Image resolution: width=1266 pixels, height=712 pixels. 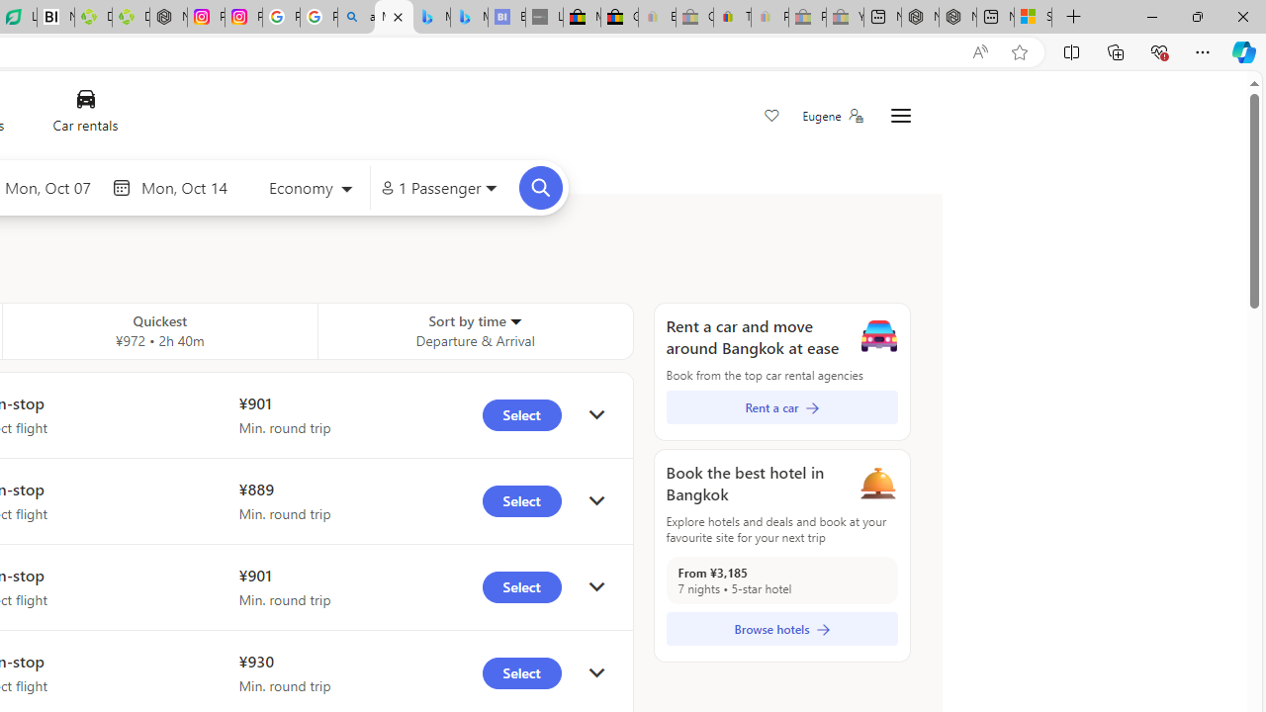 What do you see at coordinates (957, 17) in the screenshot?
I see `'Nordace - Summer Adventures 2024'` at bounding box center [957, 17].